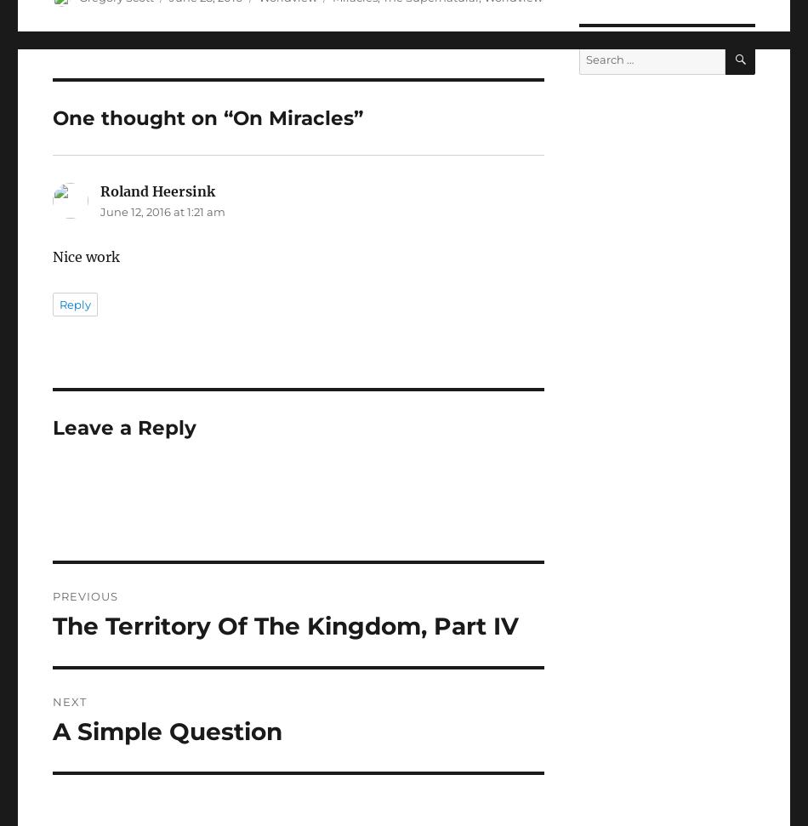  What do you see at coordinates (86, 255) in the screenshot?
I see `'Nice work'` at bounding box center [86, 255].